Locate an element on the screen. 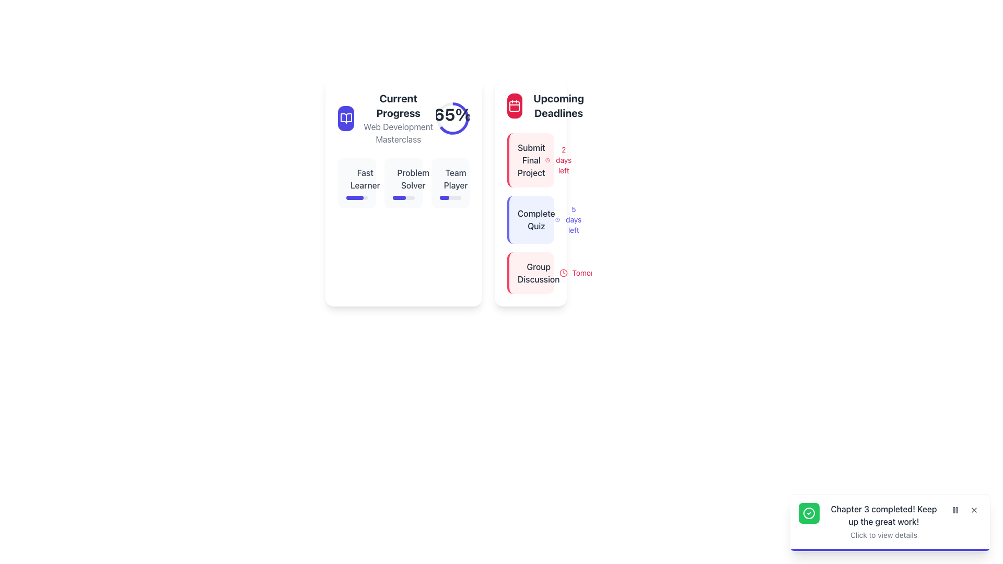 The image size is (1003, 564). the Text Label that provides context for the 'Current Progress' section, which is centered beneath the 'Current Progress' heading is located at coordinates (398, 132).